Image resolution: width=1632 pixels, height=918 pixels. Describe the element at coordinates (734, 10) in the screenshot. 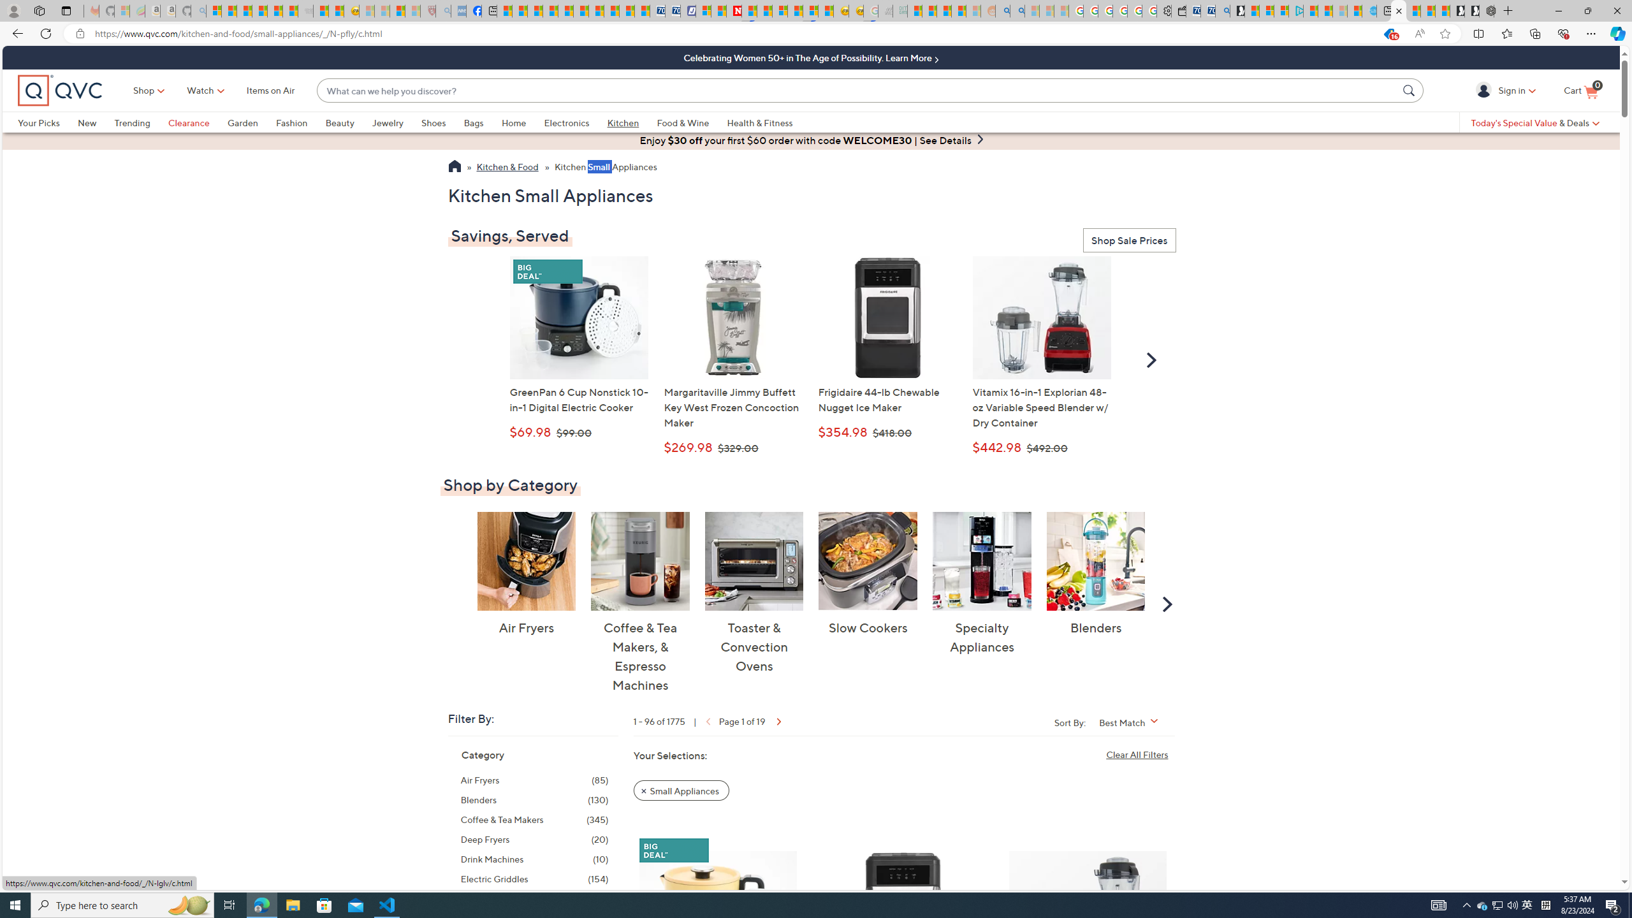

I see `'Latest Politics News & Archive | Newsweek.com'` at that location.